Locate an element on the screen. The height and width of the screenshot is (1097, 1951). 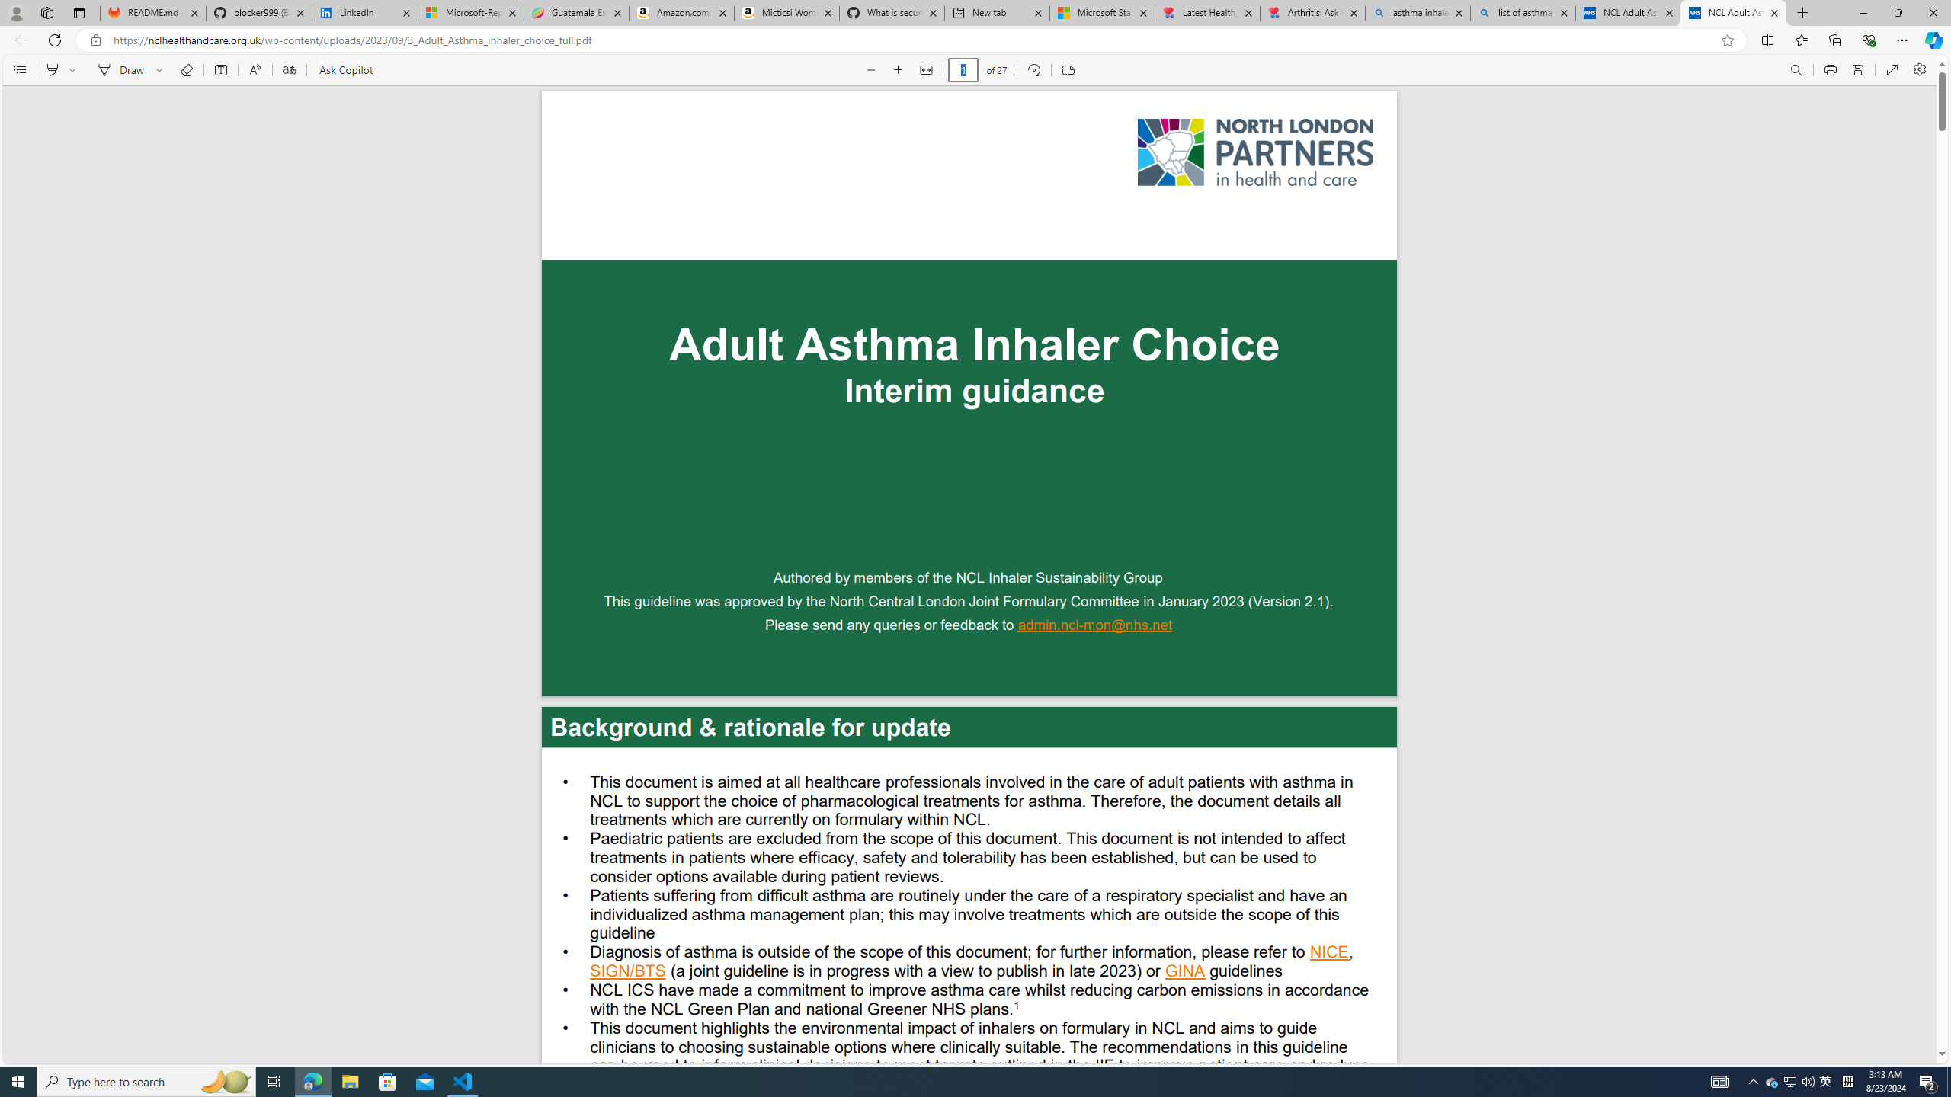
'NICE' is located at coordinates (1329, 953).